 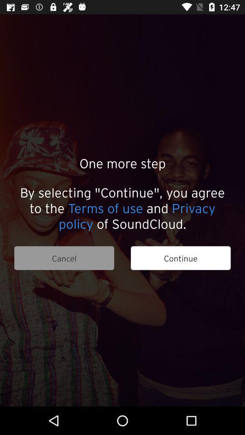 What do you see at coordinates (122, 208) in the screenshot?
I see `by selecting continue` at bounding box center [122, 208].